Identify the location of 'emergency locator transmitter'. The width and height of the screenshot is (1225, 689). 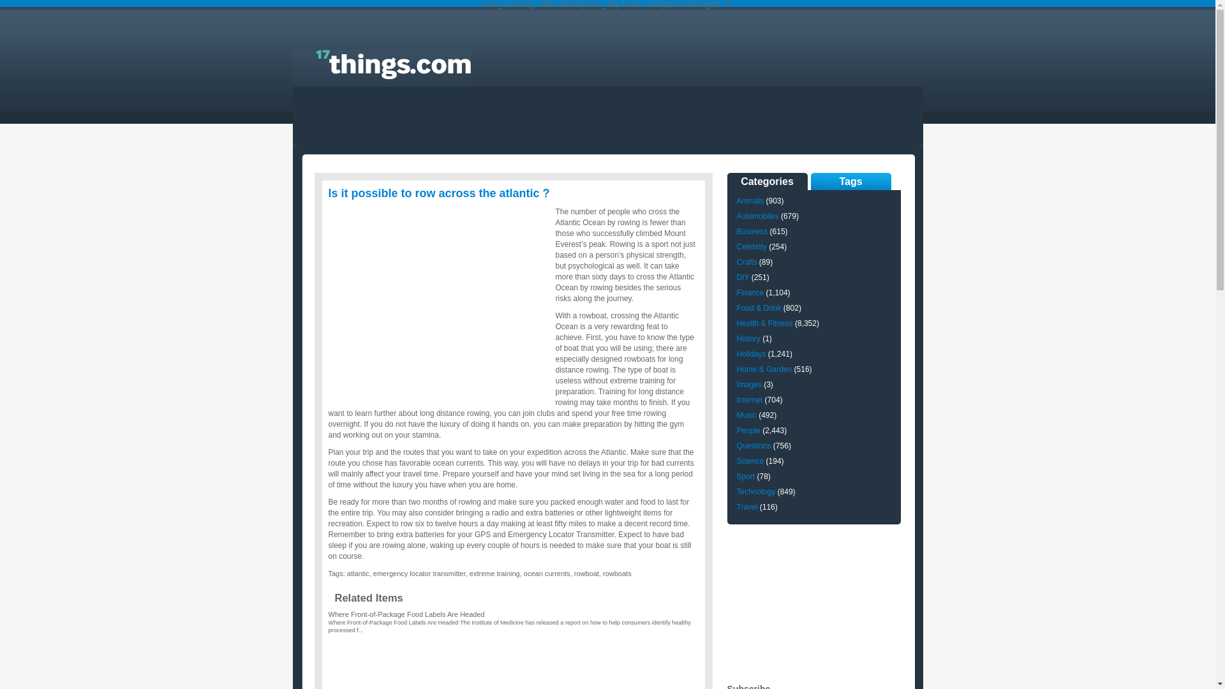
(419, 572).